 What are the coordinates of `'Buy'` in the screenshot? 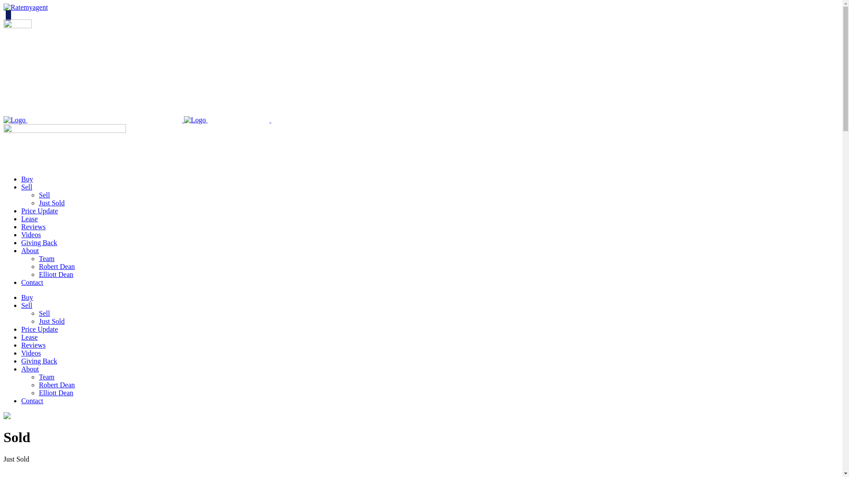 It's located at (27, 179).